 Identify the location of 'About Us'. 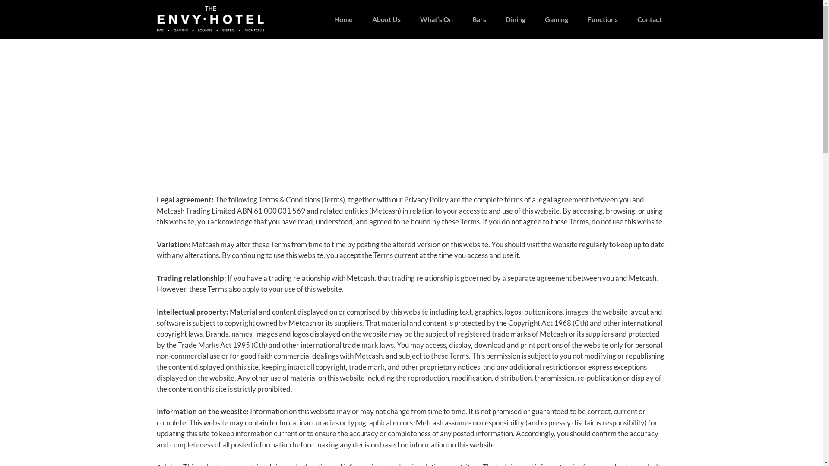
(372, 19).